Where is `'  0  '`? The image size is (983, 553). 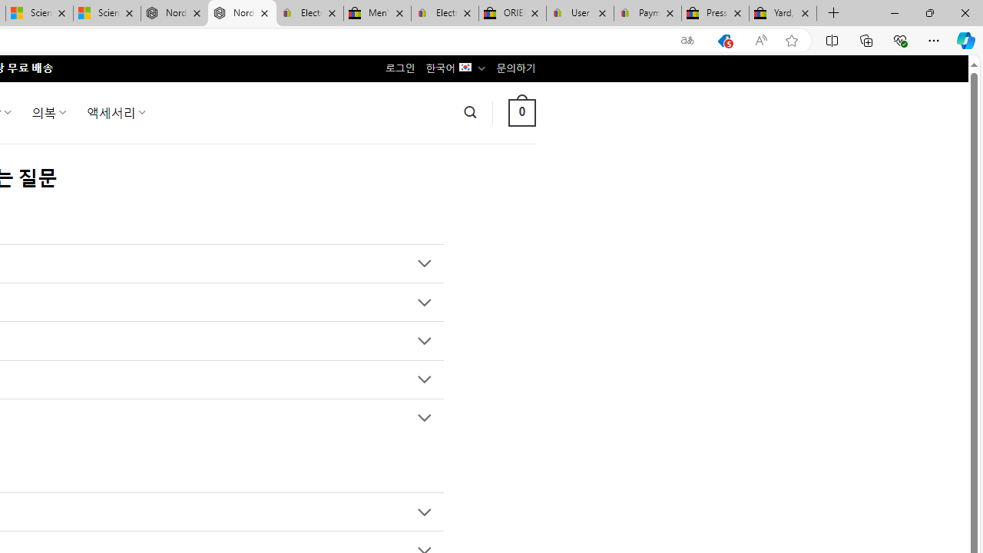 '  0  ' is located at coordinates (521, 111).